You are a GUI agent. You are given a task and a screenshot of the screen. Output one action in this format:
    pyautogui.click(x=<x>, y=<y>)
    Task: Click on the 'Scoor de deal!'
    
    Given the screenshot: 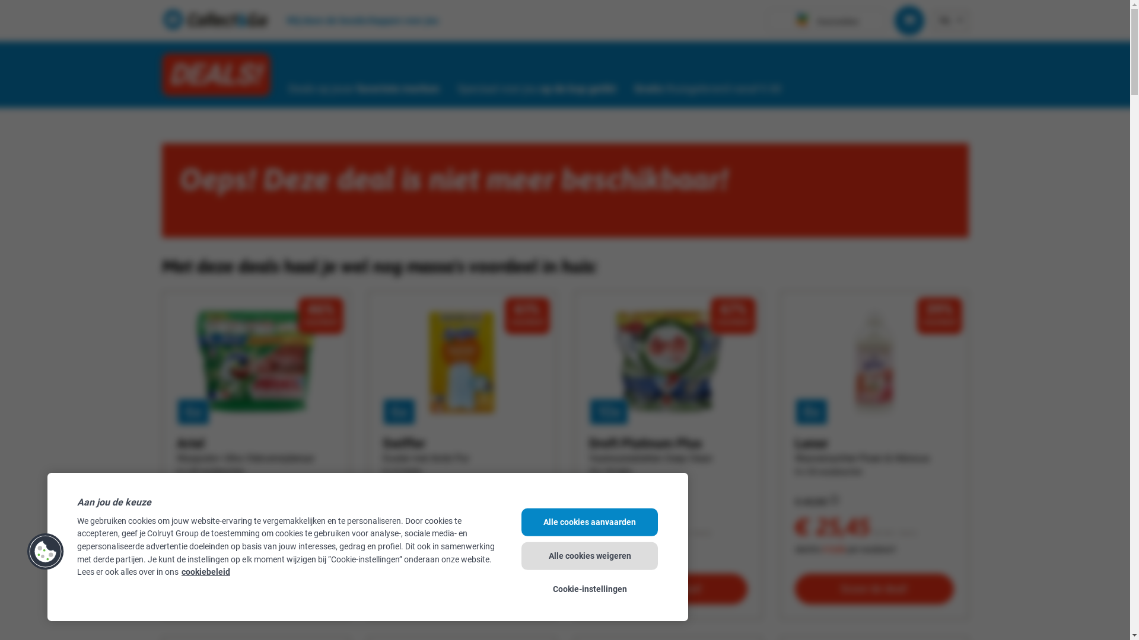 What is the action you would take?
    pyautogui.click(x=256, y=589)
    